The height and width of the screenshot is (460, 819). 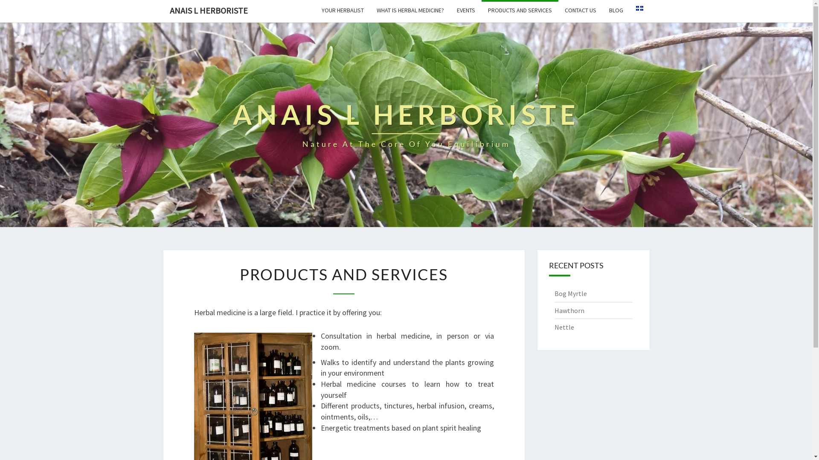 I want to click on 'EVENTS', so click(x=450, y=10).